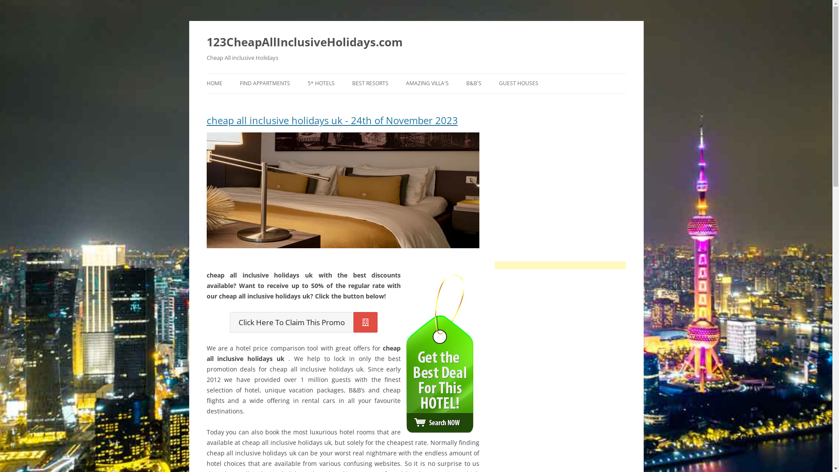  What do you see at coordinates (370, 83) in the screenshot?
I see `'BEST RESORTS'` at bounding box center [370, 83].